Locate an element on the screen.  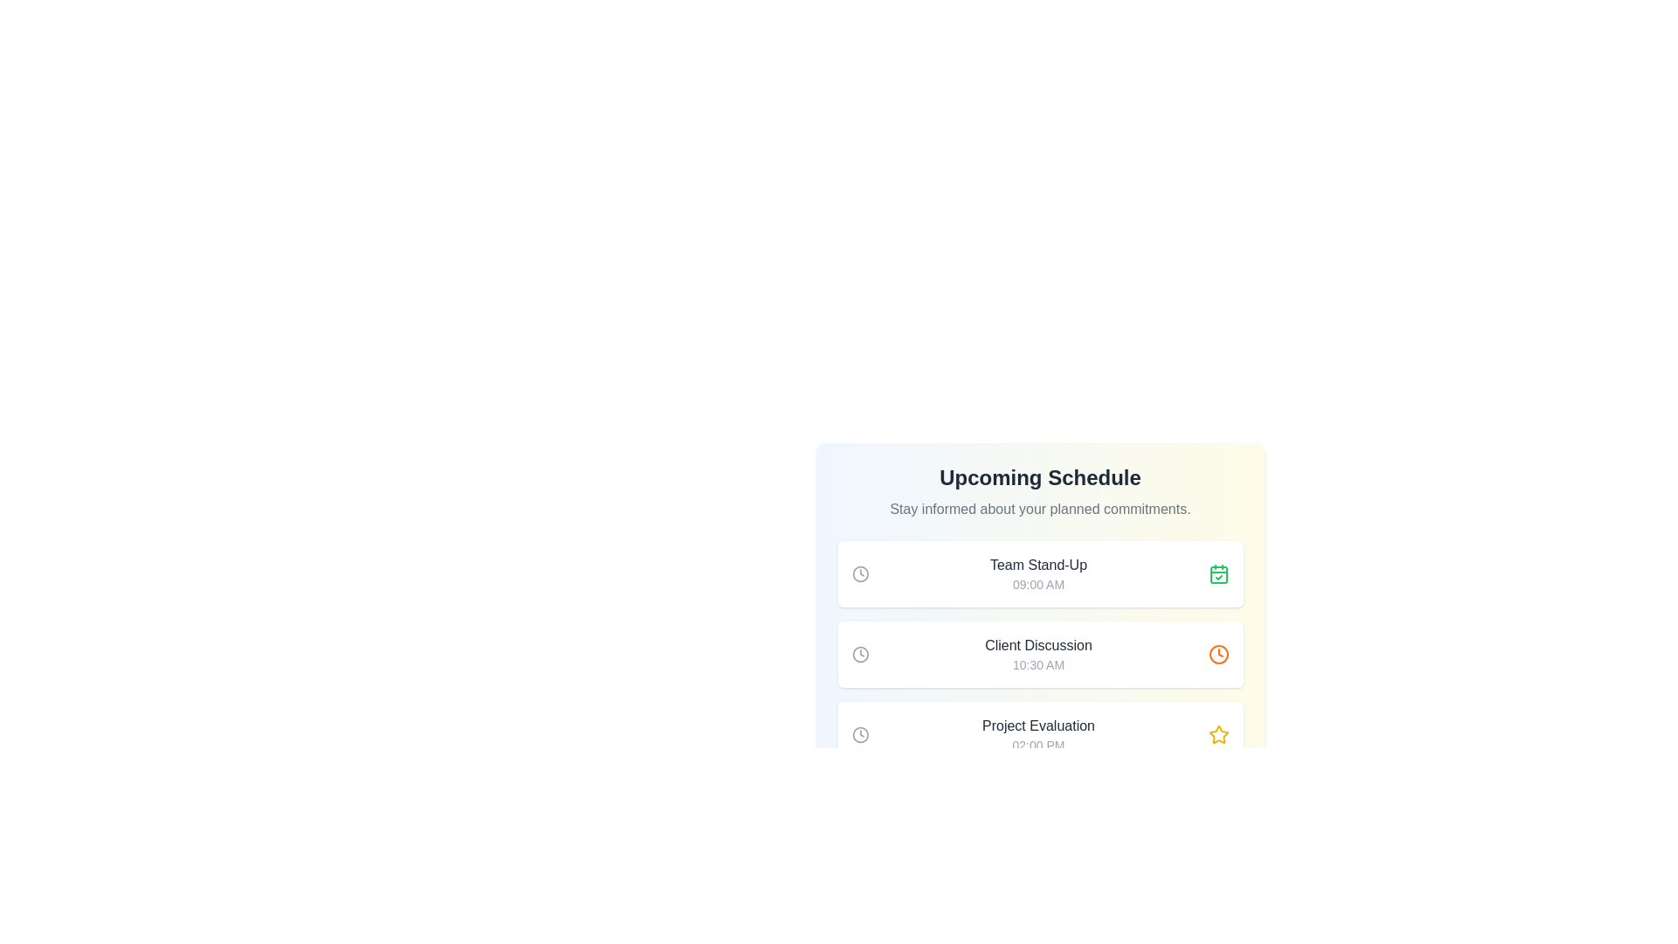
the decorative circle in the clock icon located to the left of the 'Client Discussion' text in the second list item is located at coordinates (860, 654).